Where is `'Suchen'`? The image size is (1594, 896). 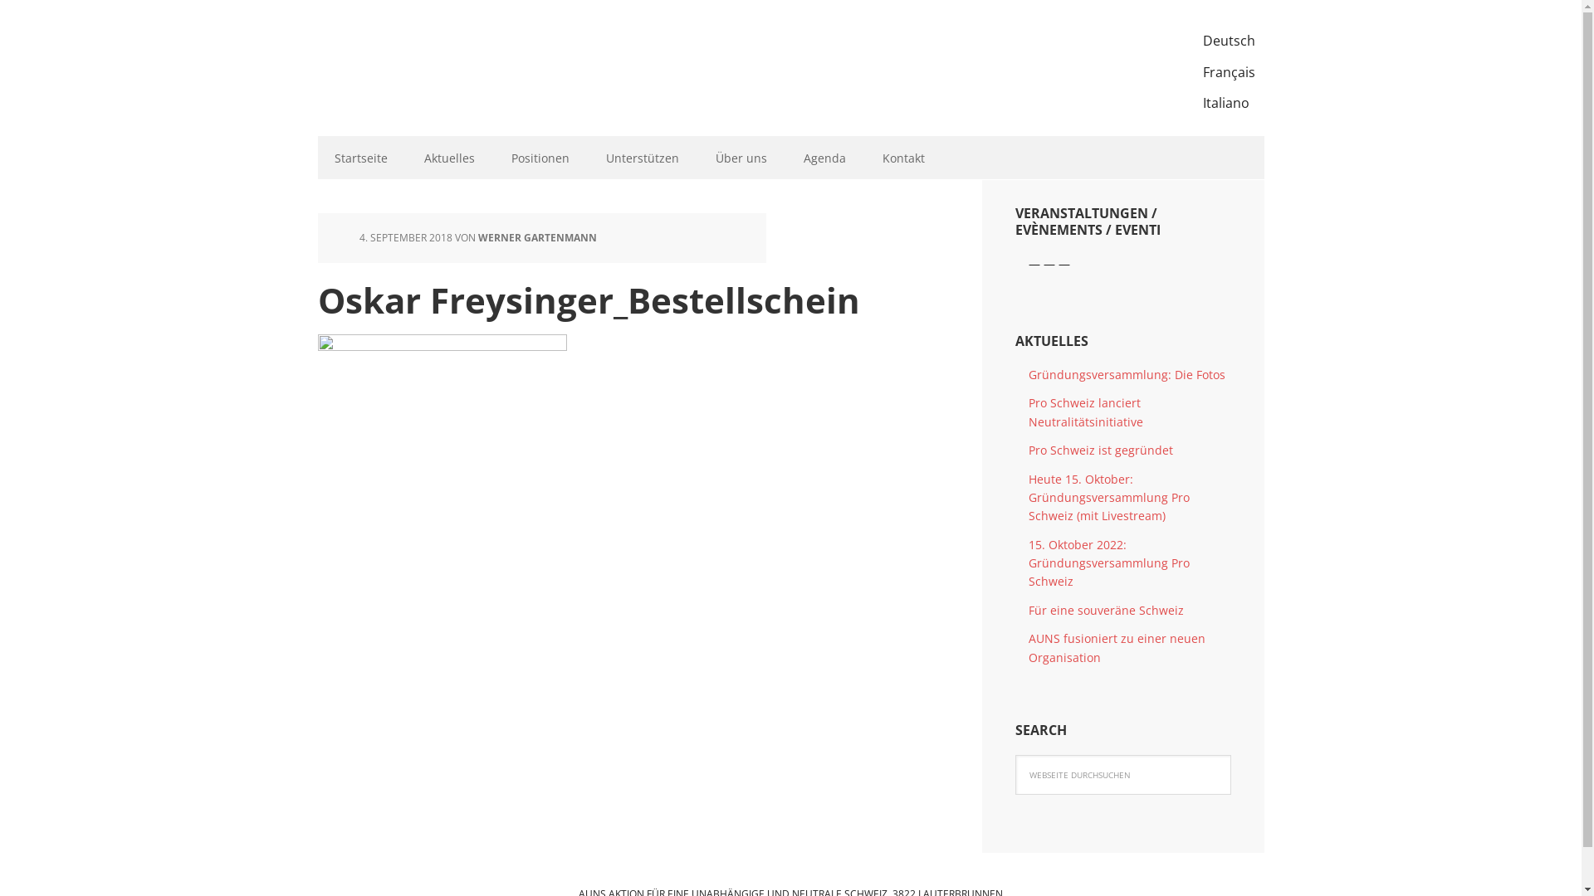
'Suchen' is located at coordinates (1230, 754).